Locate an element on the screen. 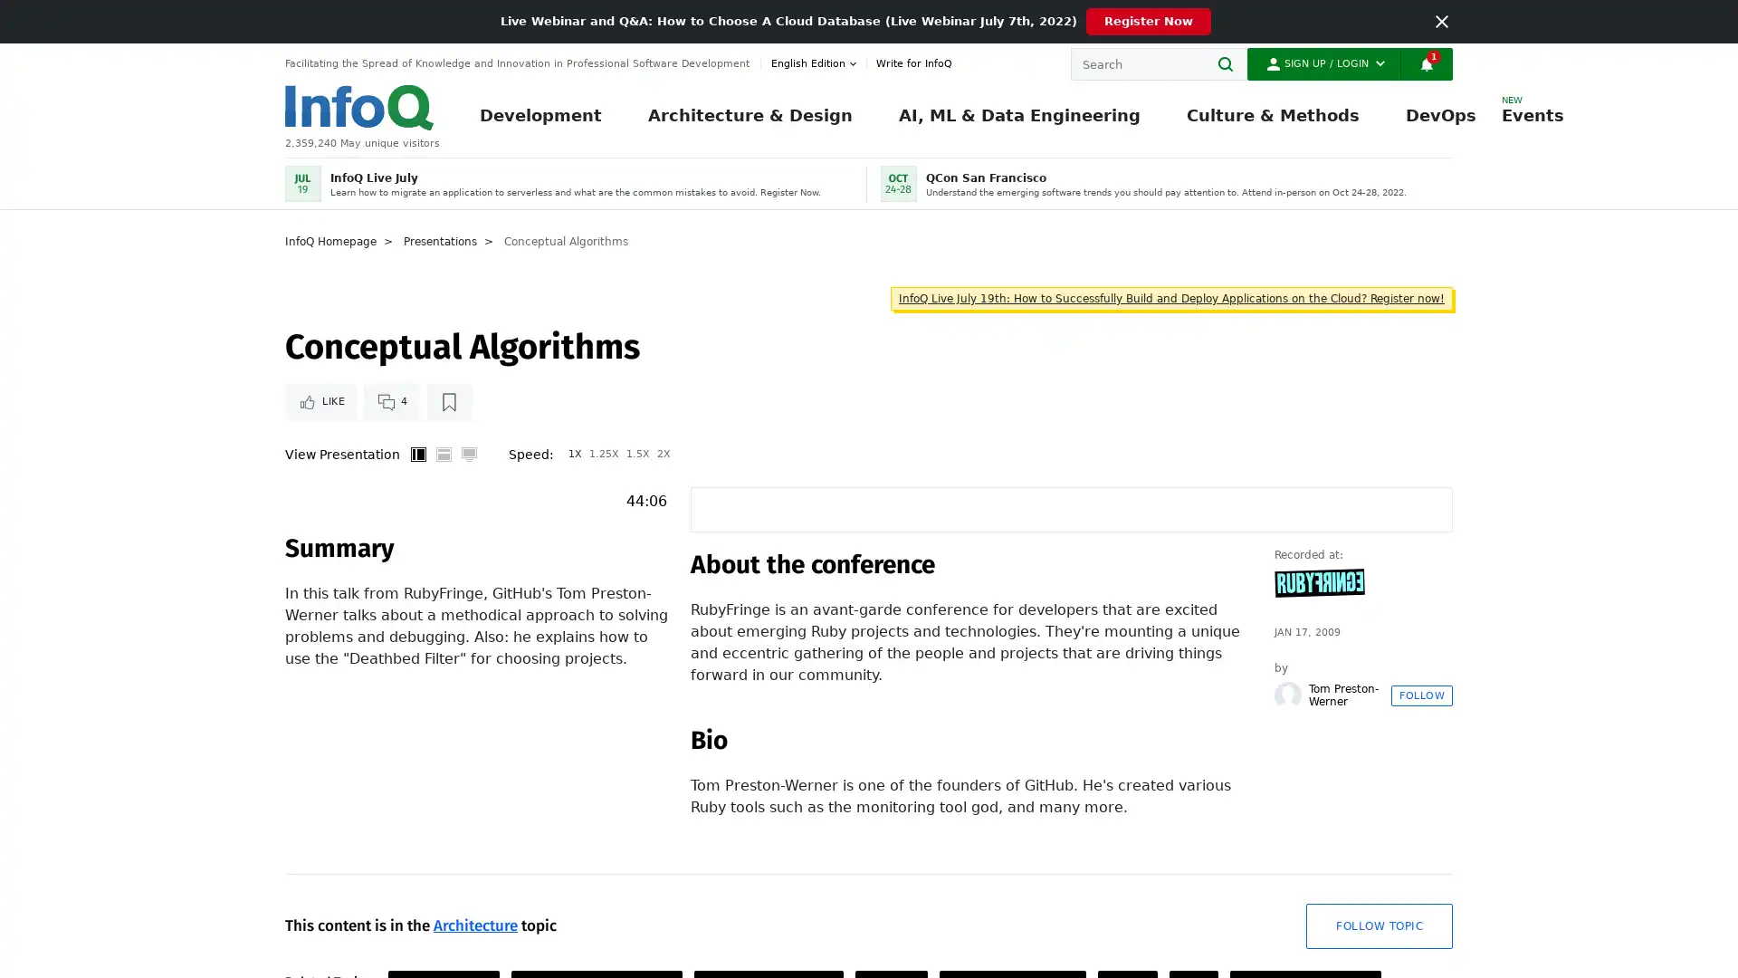 The height and width of the screenshot is (978, 1738). Like is located at coordinates (320, 453).